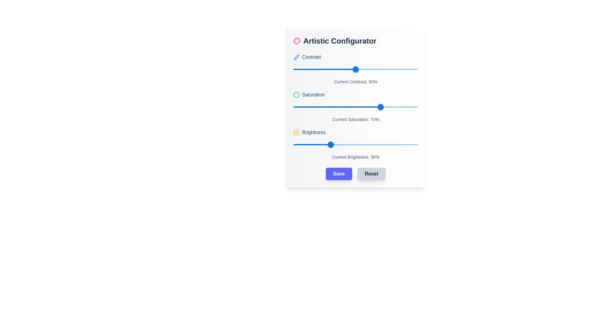 This screenshot has width=598, height=336. What do you see at coordinates (371, 174) in the screenshot?
I see `the 'Reset' button` at bounding box center [371, 174].